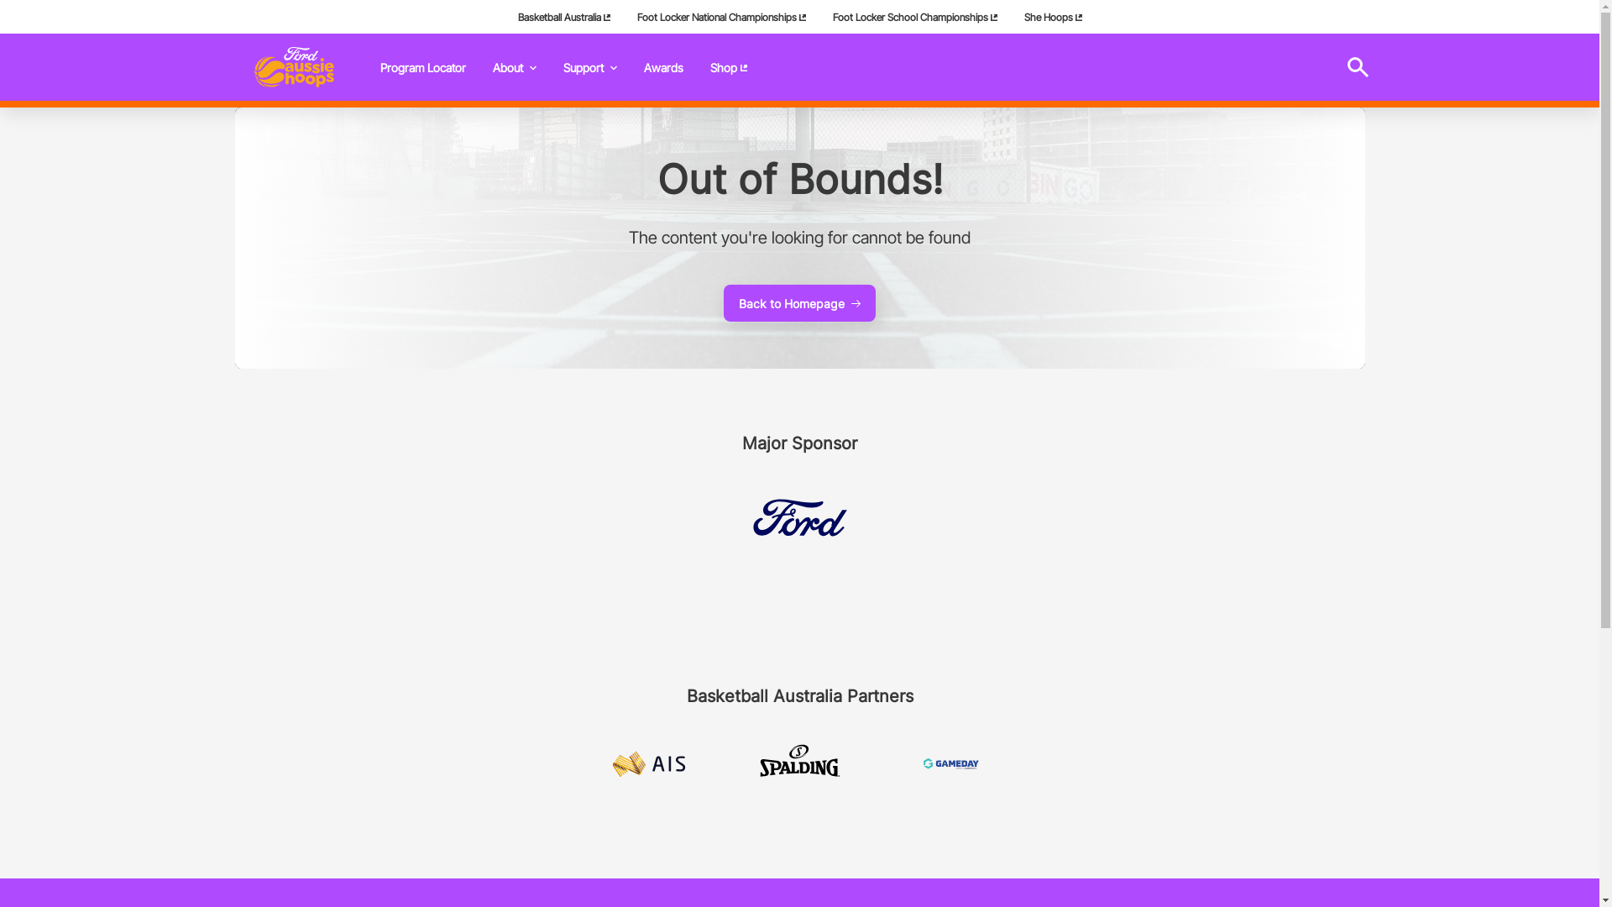 This screenshot has height=907, width=1612. I want to click on 'Major Partner Ford', so click(798, 516).